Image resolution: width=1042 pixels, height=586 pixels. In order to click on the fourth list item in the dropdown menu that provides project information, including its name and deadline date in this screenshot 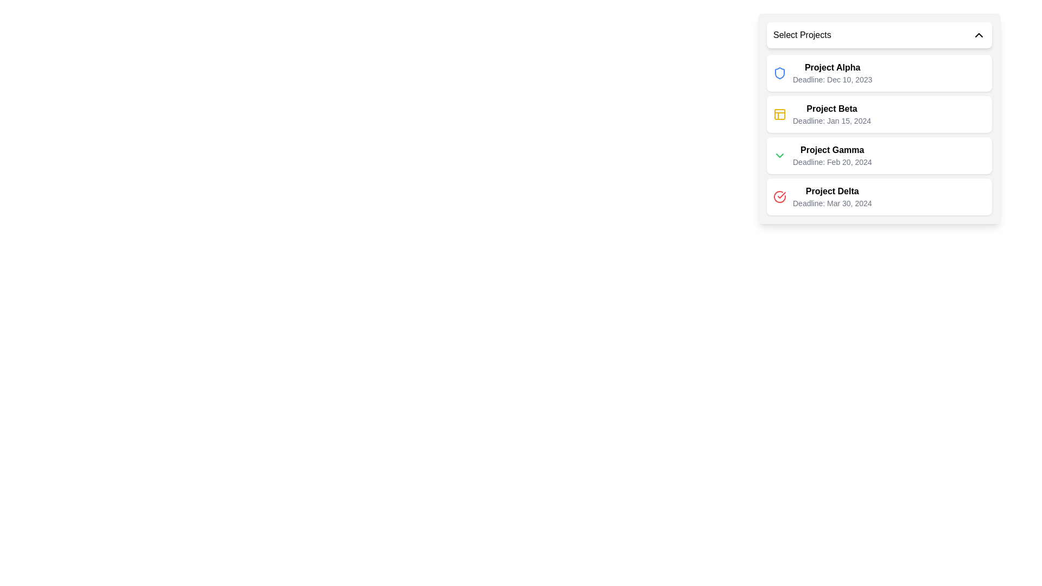, I will do `click(879, 196)`.